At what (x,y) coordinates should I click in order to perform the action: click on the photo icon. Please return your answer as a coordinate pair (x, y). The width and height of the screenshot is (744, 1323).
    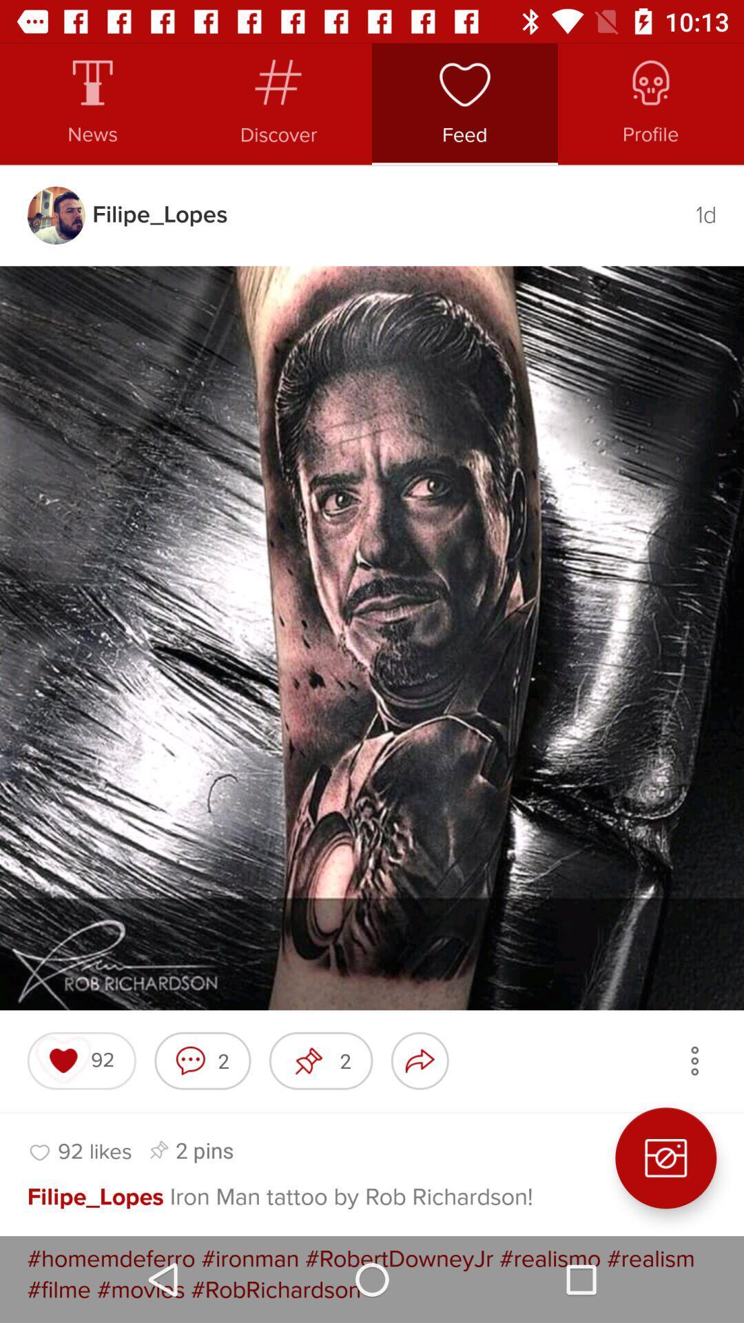
    Looking at the image, I should click on (665, 1158).